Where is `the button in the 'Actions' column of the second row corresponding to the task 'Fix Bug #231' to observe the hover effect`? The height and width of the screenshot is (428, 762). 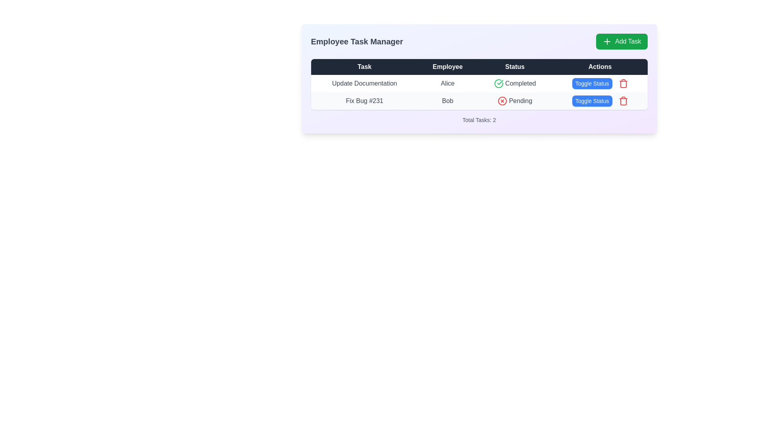
the button in the 'Actions' column of the second row corresponding to the task 'Fix Bug #231' to observe the hover effect is located at coordinates (600, 100).